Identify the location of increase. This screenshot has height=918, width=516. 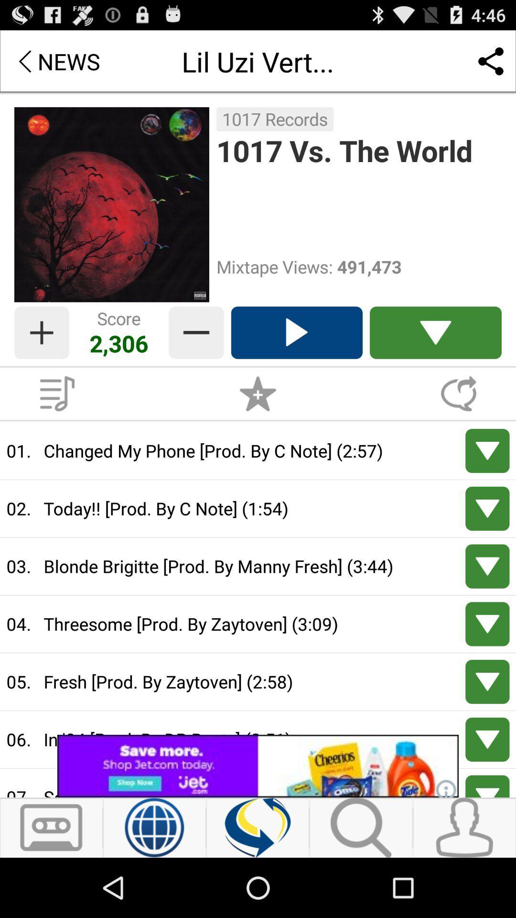
(41, 333).